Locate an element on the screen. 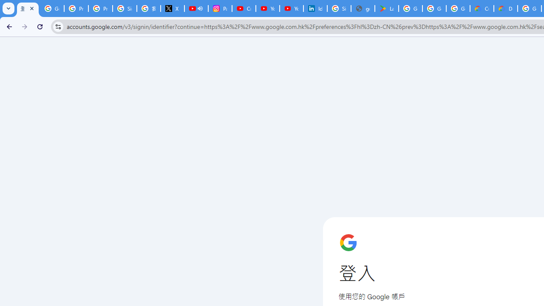 This screenshot has width=544, height=306. 'Google Workspace - Specific Terms' is located at coordinates (457, 8).